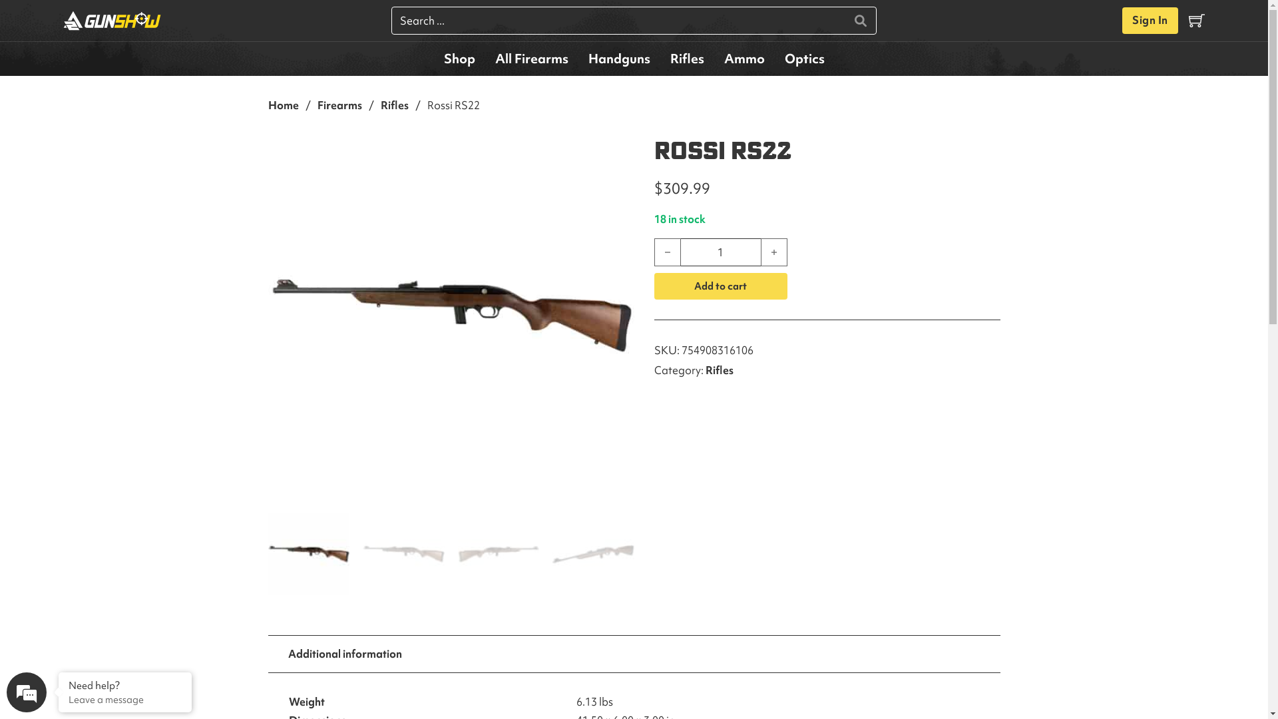 The width and height of the screenshot is (1278, 719). What do you see at coordinates (394, 105) in the screenshot?
I see `'Rifles'` at bounding box center [394, 105].